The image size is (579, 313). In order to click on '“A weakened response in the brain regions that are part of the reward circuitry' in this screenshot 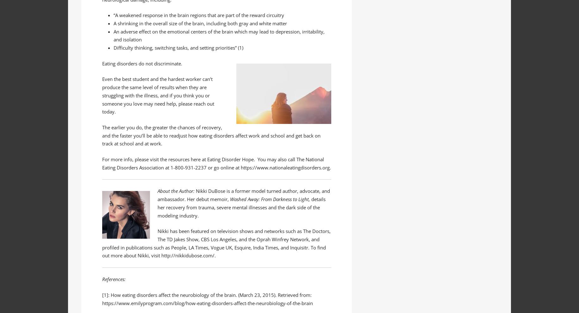, I will do `click(113, 15)`.